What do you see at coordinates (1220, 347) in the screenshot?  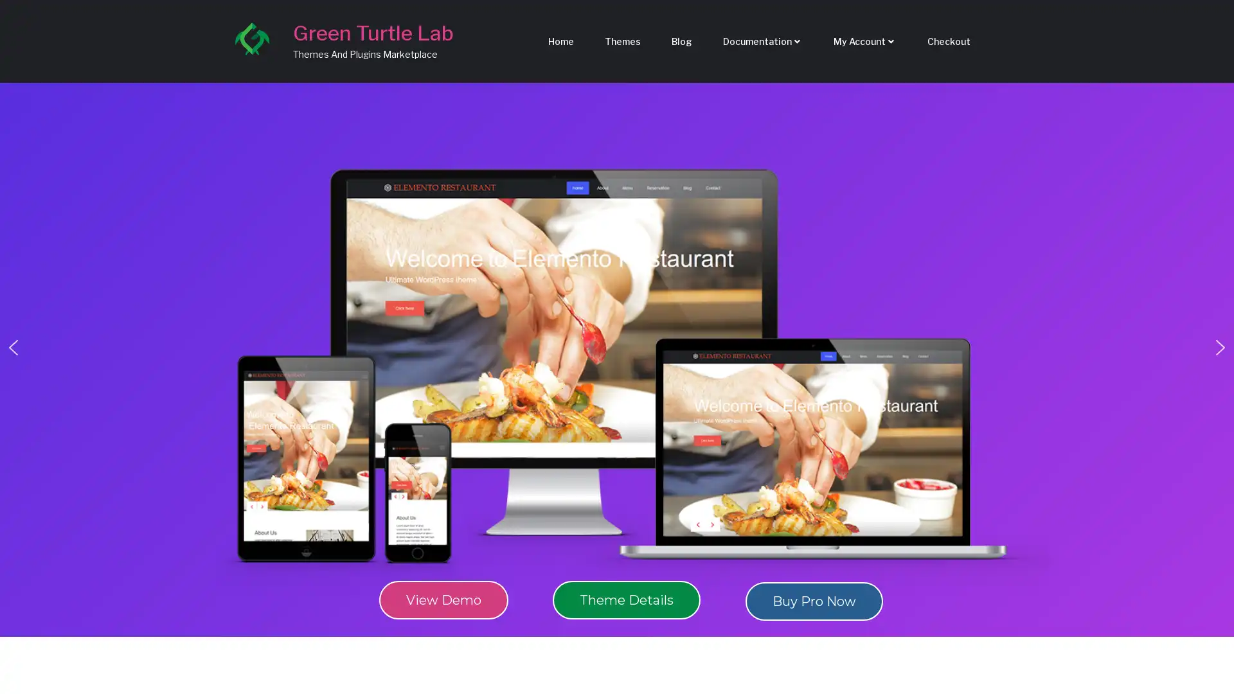 I see `next arrow` at bounding box center [1220, 347].